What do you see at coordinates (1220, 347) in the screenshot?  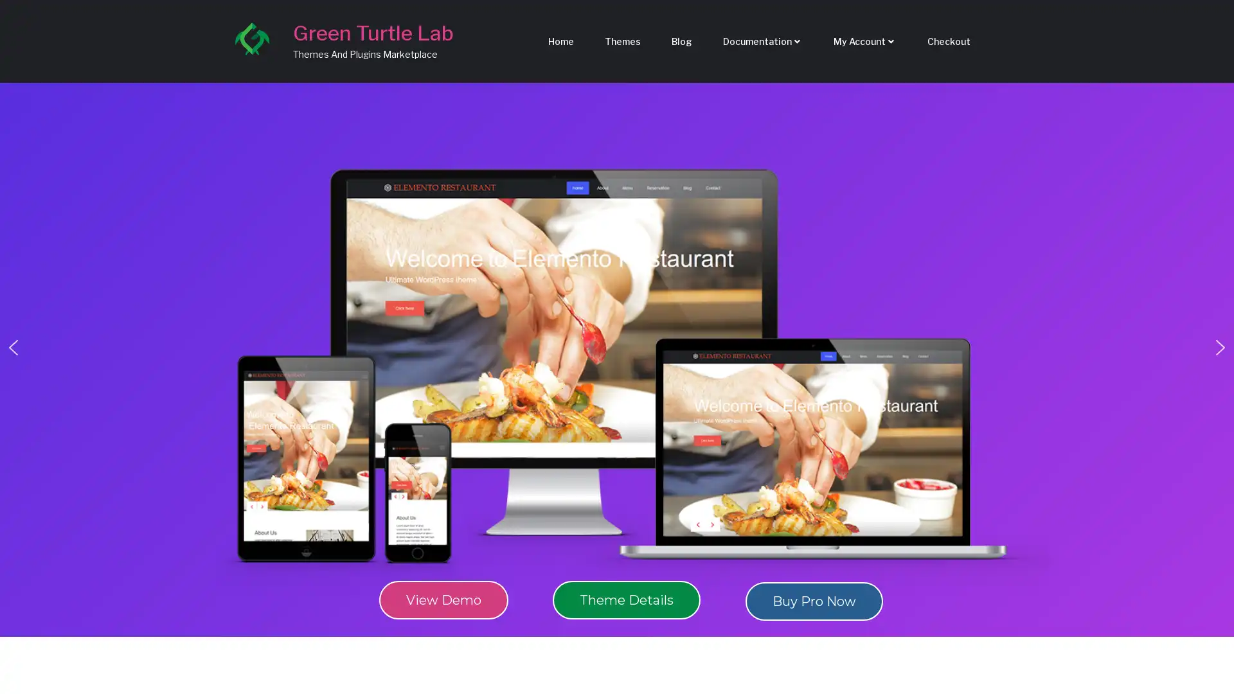 I see `next arrow` at bounding box center [1220, 347].